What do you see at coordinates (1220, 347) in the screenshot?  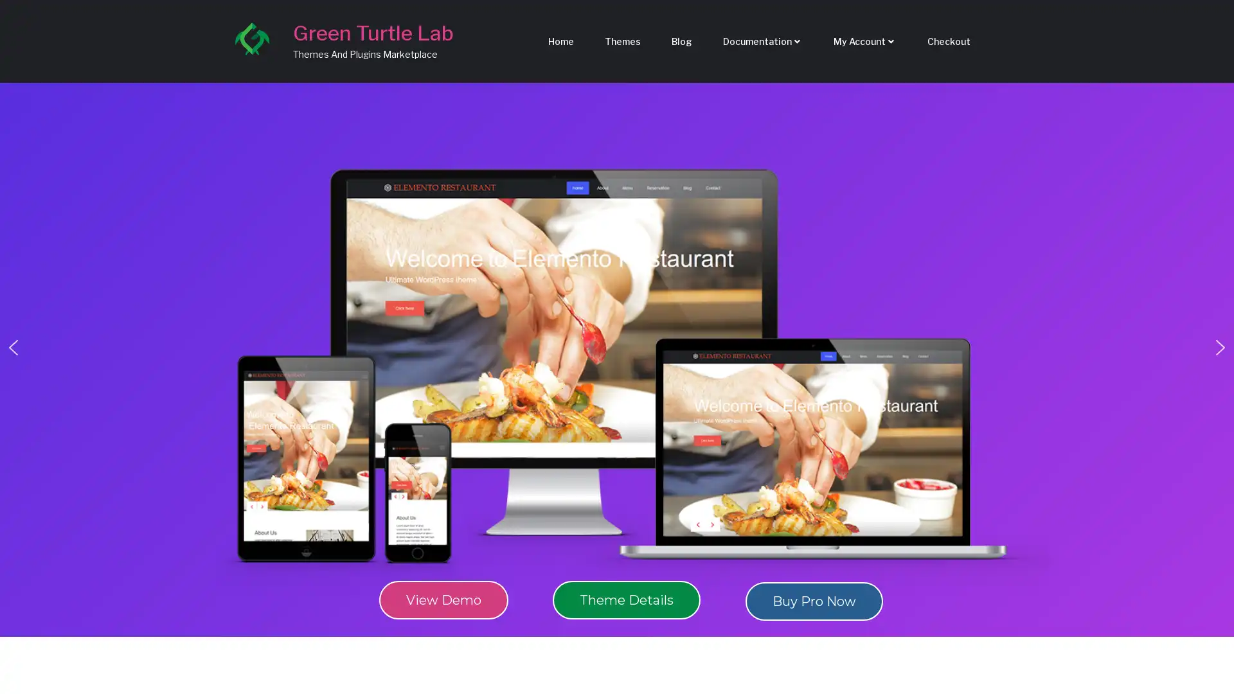 I see `next arrow` at bounding box center [1220, 347].